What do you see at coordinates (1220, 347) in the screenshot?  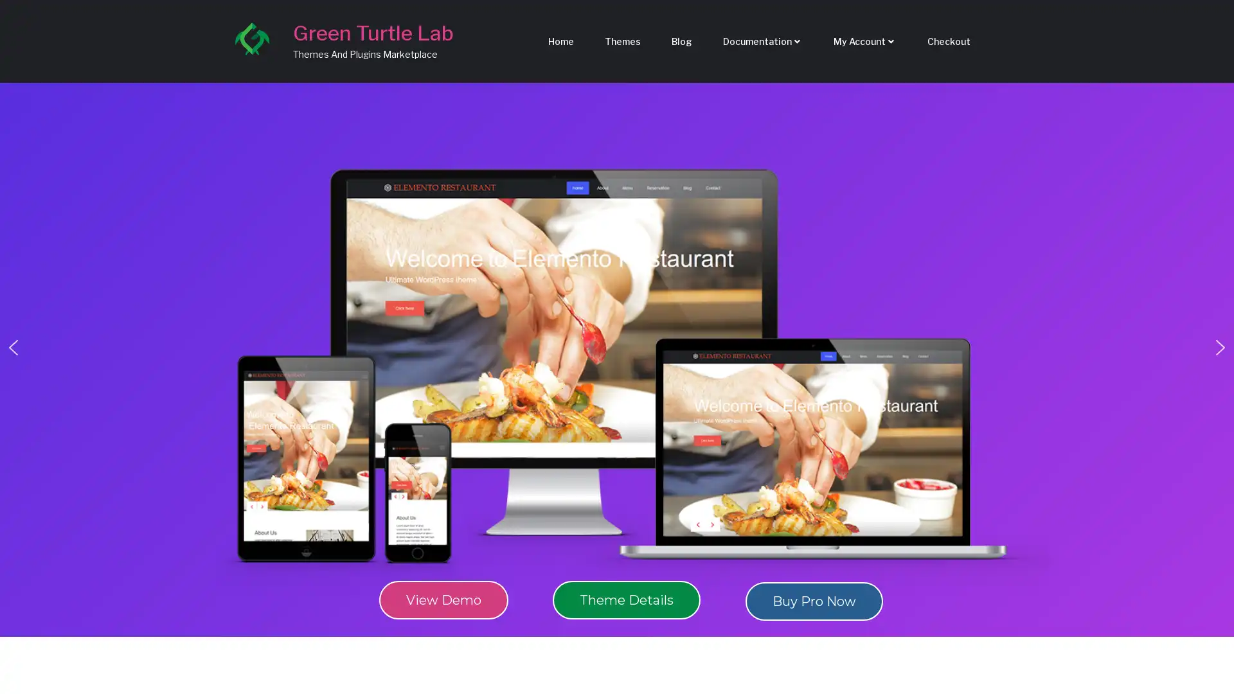 I see `next arrow` at bounding box center [1220, 347].